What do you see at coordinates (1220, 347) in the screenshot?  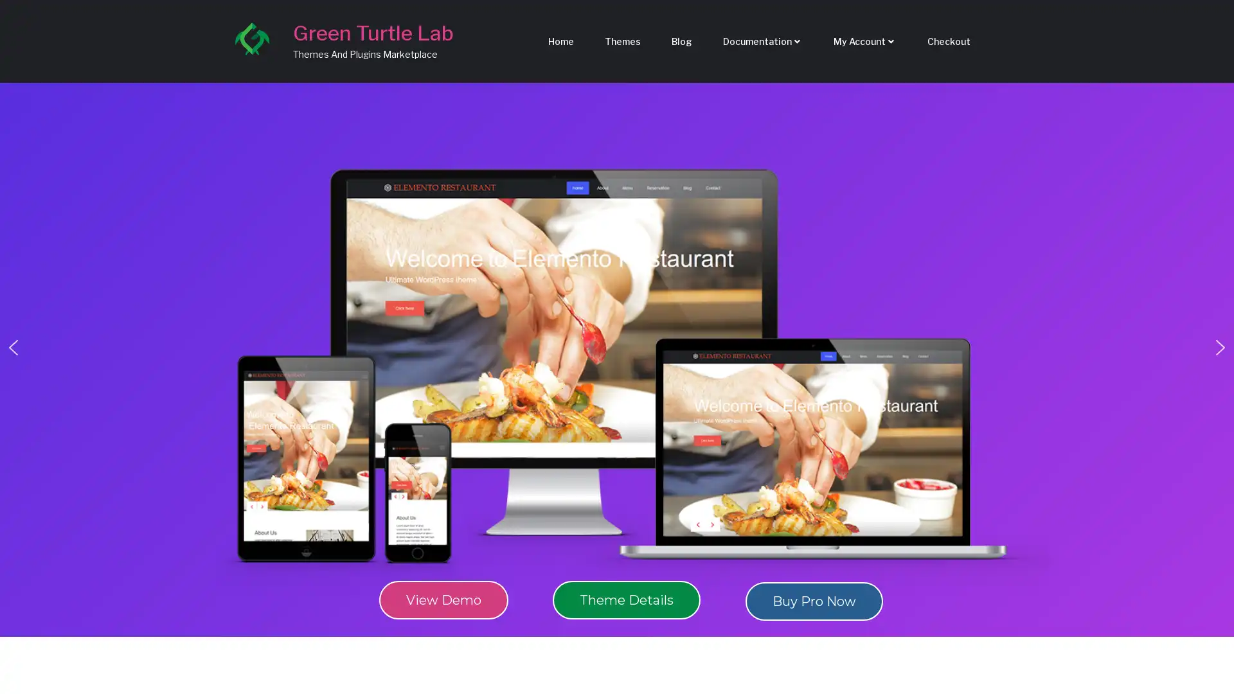 I see `next arrow` at bounding box center [1220, 347].